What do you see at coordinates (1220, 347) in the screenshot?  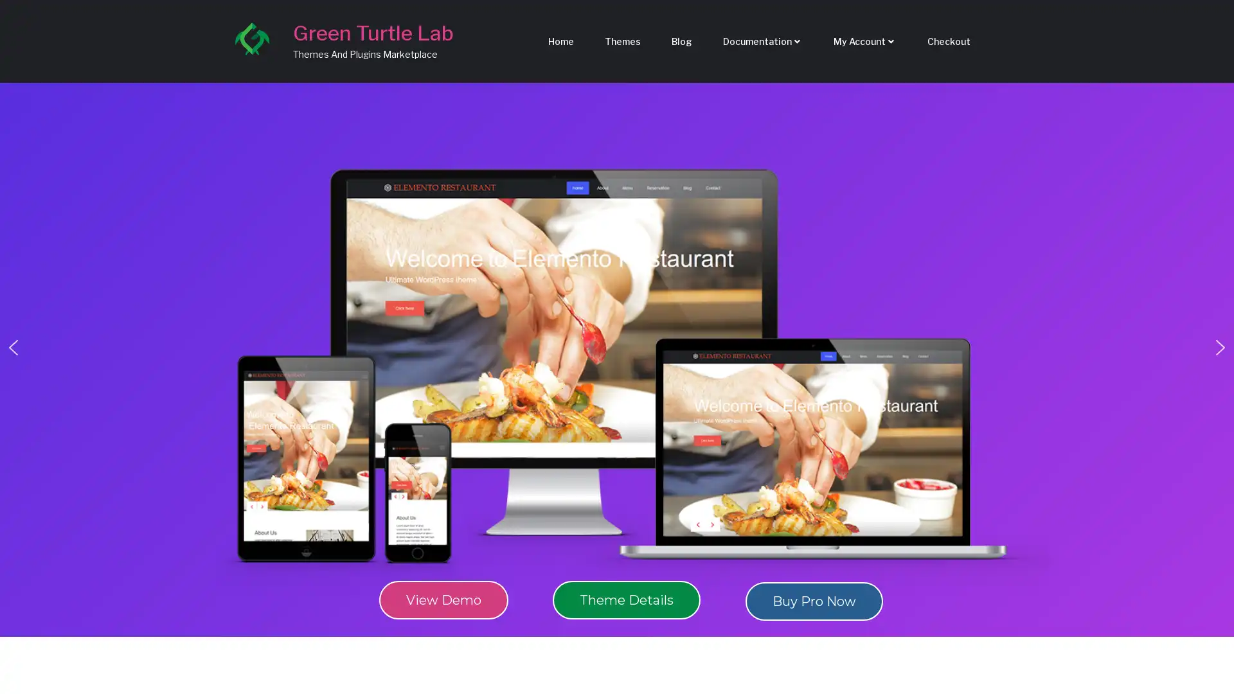 I see `next arrow` at bounding box center [1220, 347].